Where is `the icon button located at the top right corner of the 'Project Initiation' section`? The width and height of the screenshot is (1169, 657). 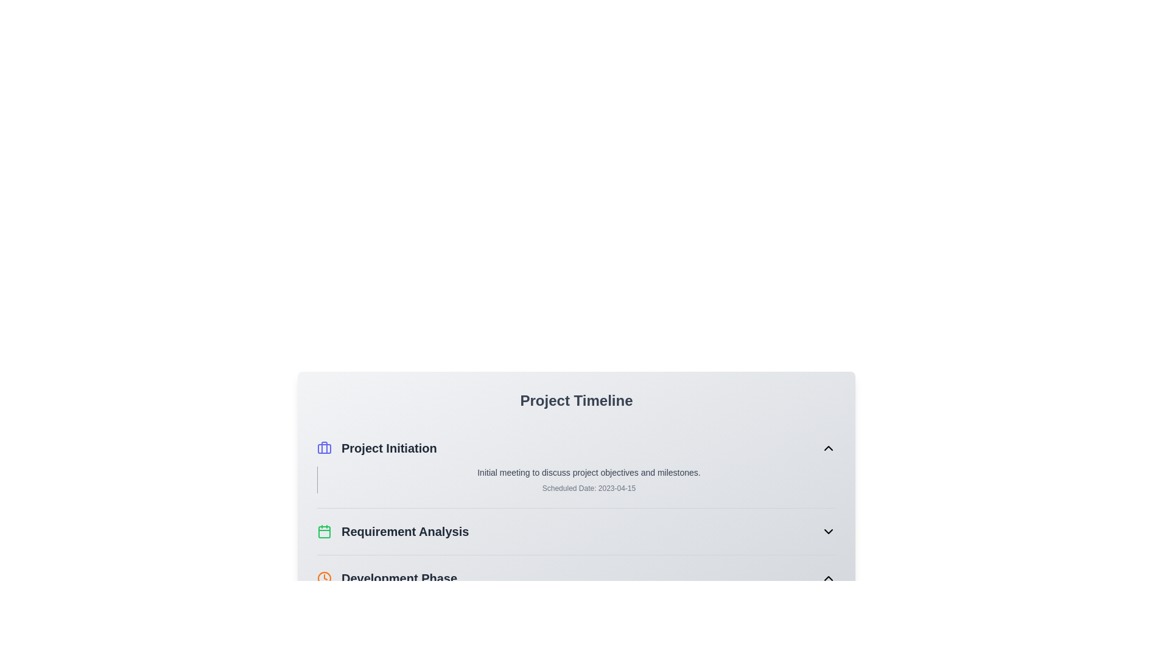
the icon button located at the top right corner of the 'Project Initiation' section is located at coordinates (828, 448).